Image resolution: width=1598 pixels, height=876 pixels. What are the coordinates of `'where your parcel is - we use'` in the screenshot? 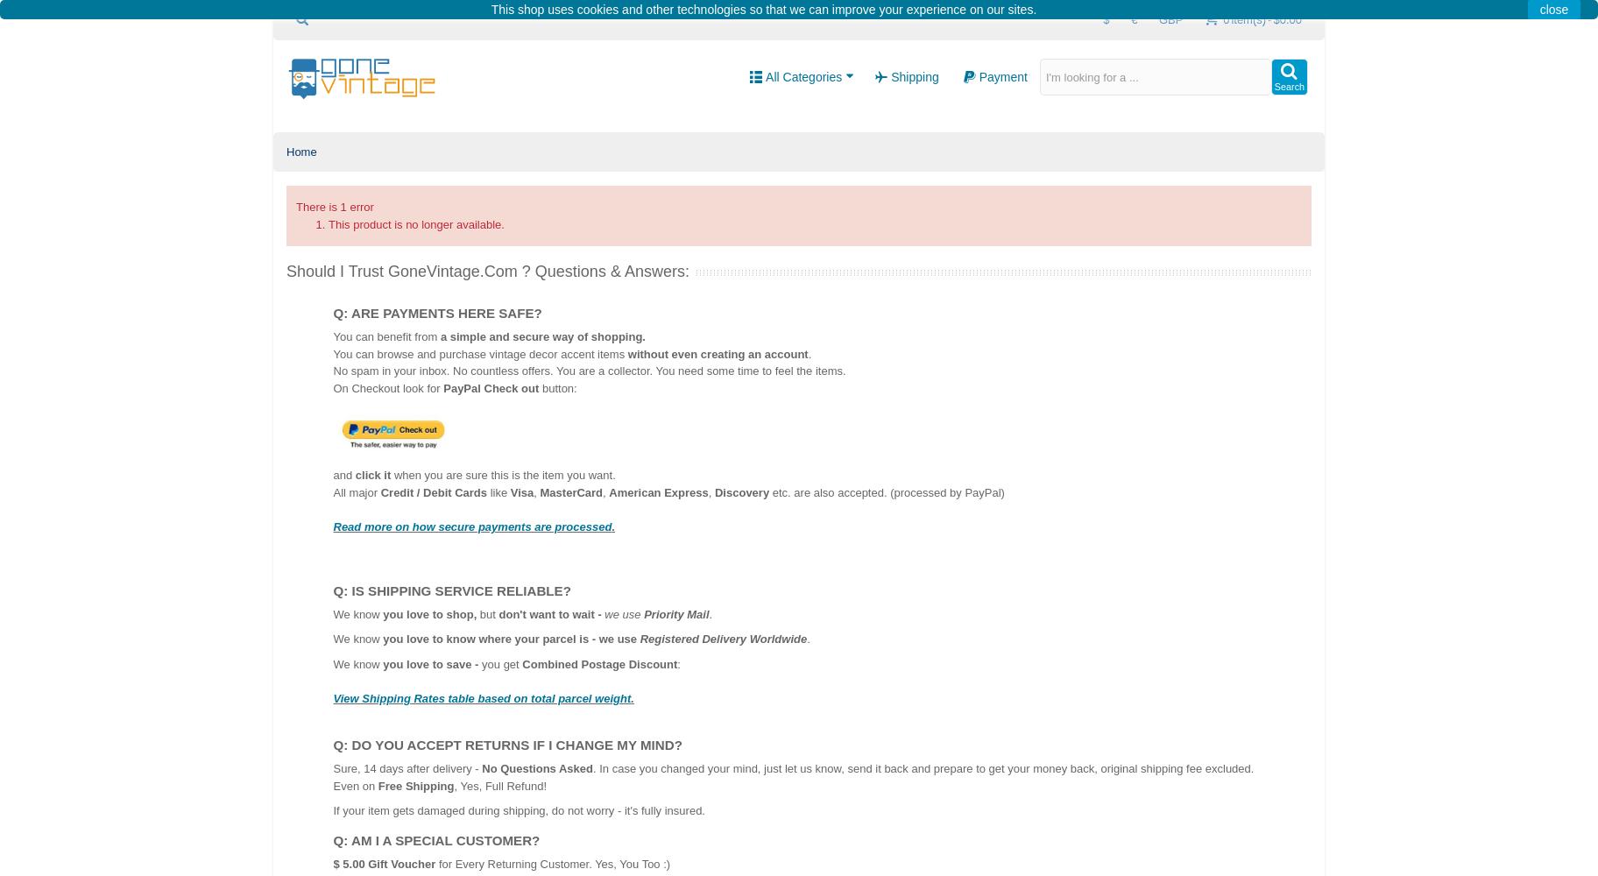 It's located at (556, 638).